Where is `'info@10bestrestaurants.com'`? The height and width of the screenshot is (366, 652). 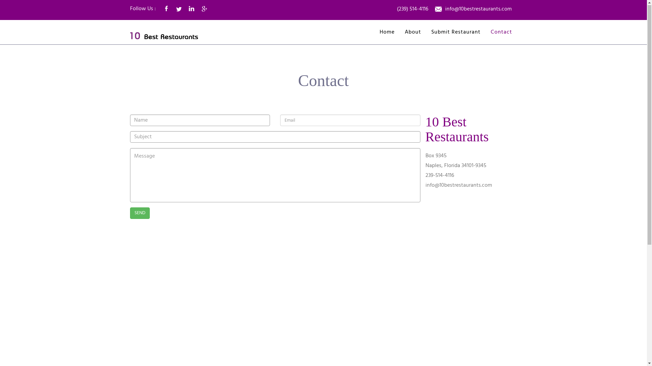
'info@10bestrestaurants.com' is located at coordinates (477, 10).